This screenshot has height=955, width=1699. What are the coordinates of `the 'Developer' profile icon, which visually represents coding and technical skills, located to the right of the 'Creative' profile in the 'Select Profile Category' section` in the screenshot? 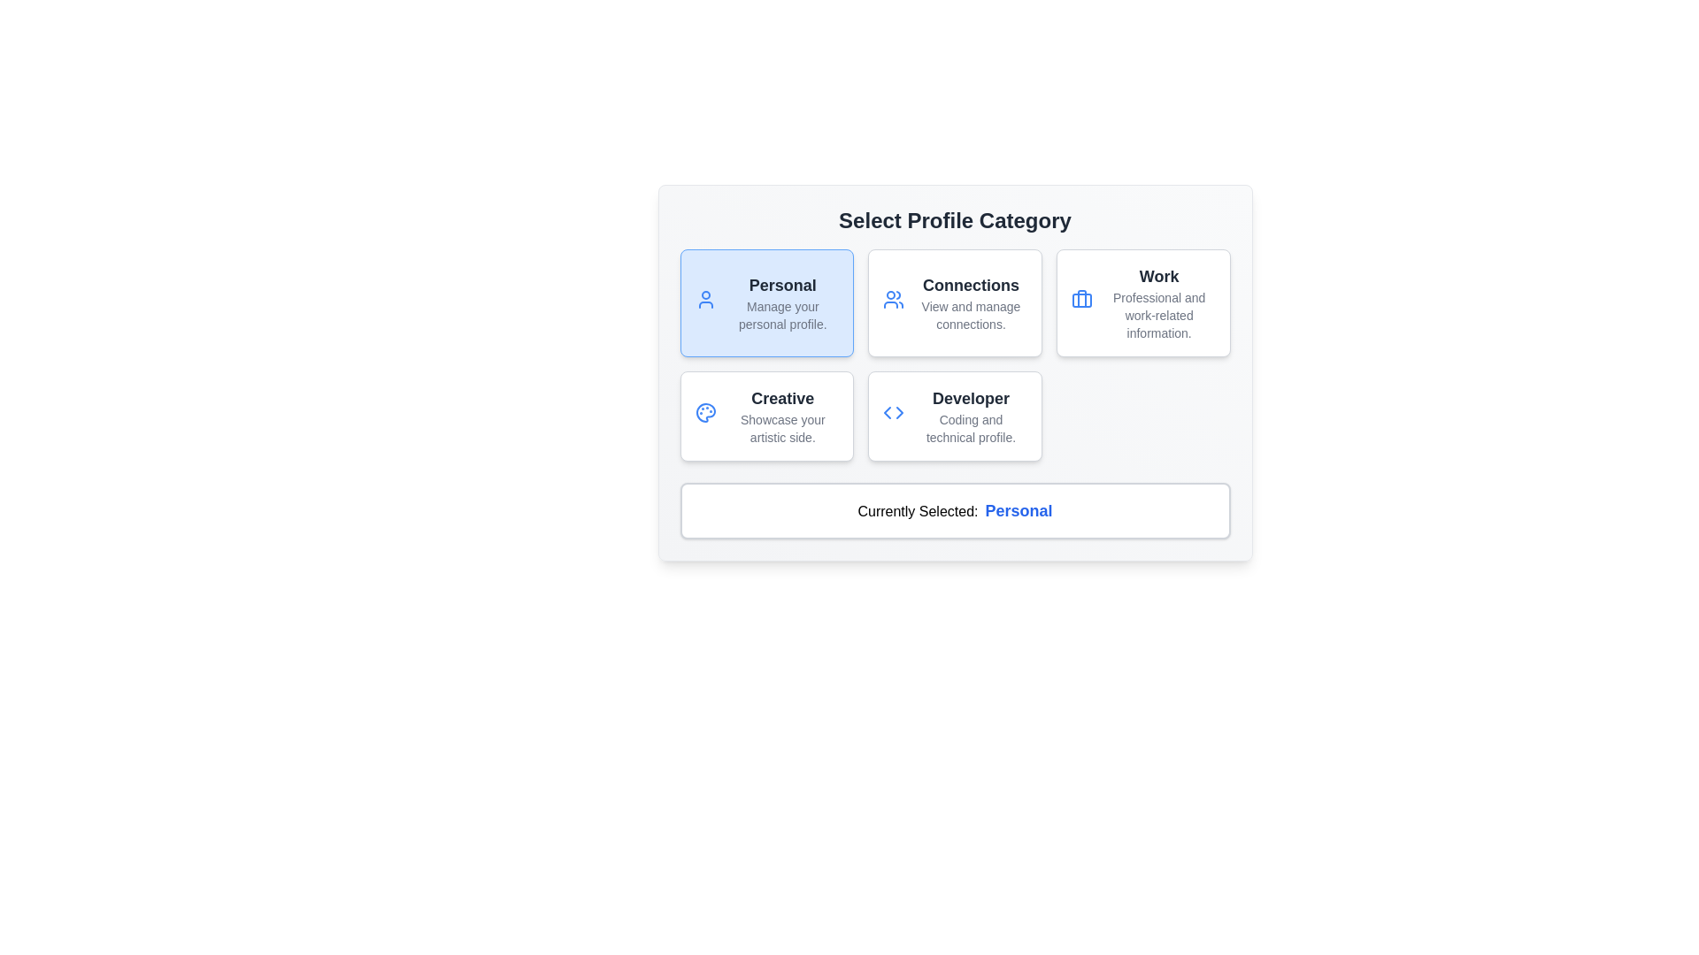 It's located at (894, 412).